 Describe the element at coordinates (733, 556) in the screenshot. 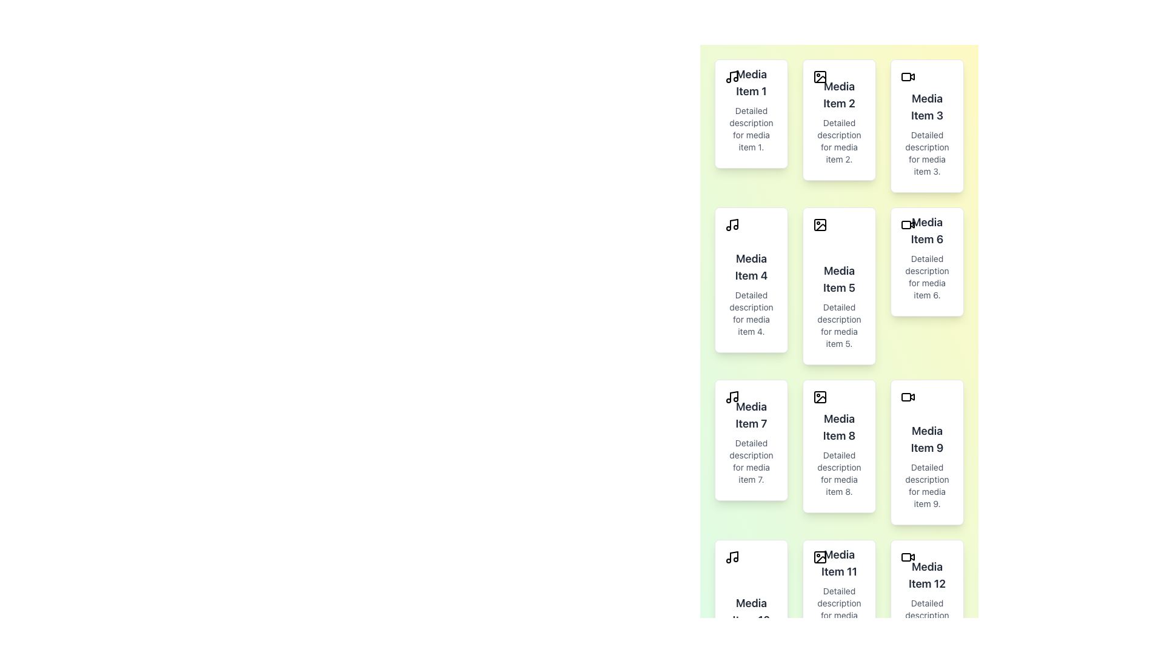

I see `vertical line segment within the SVG icon that is part of the 'Media Item 10' card structure located in the bottom-left corner of the layout` at that location.